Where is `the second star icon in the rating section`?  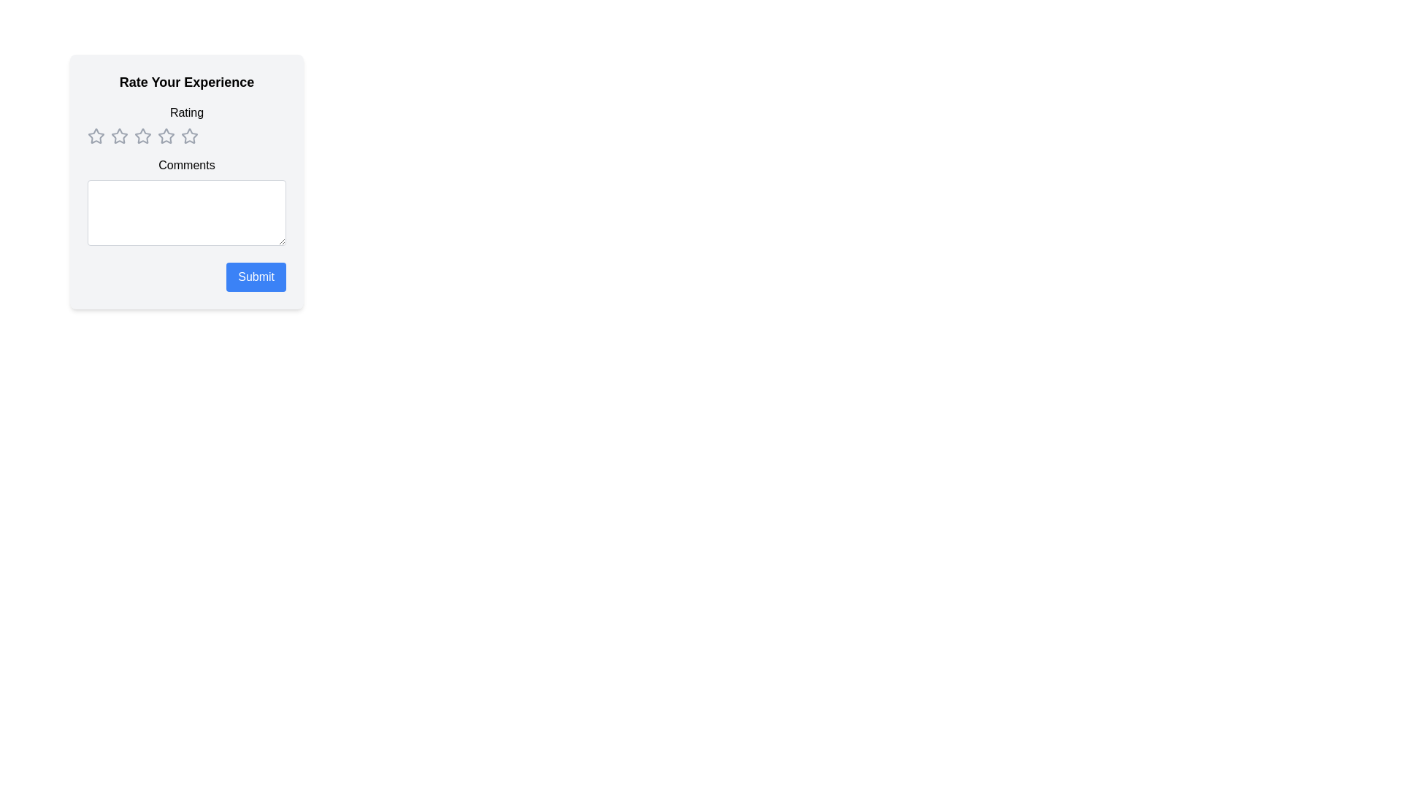 the second star icon in the rating section is located at coordinates (119, 136).